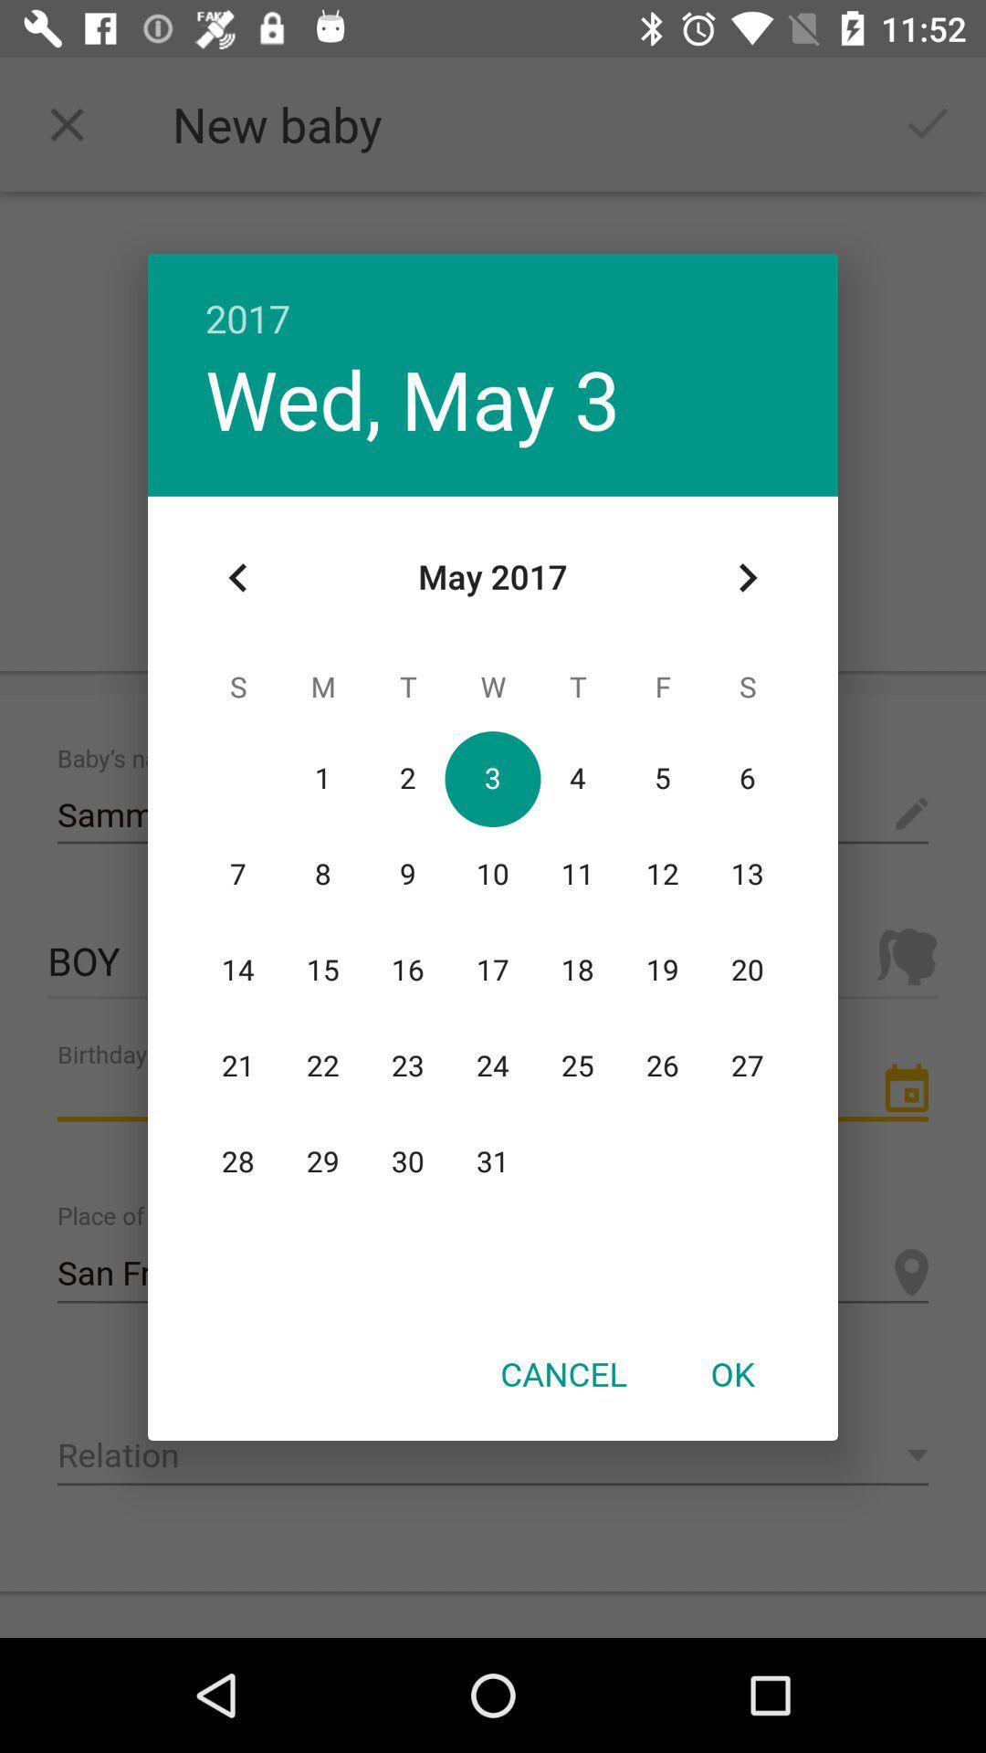 This screenshot has width=986, height=1753. I want to click on the wed, may 3, so click(413, 397).